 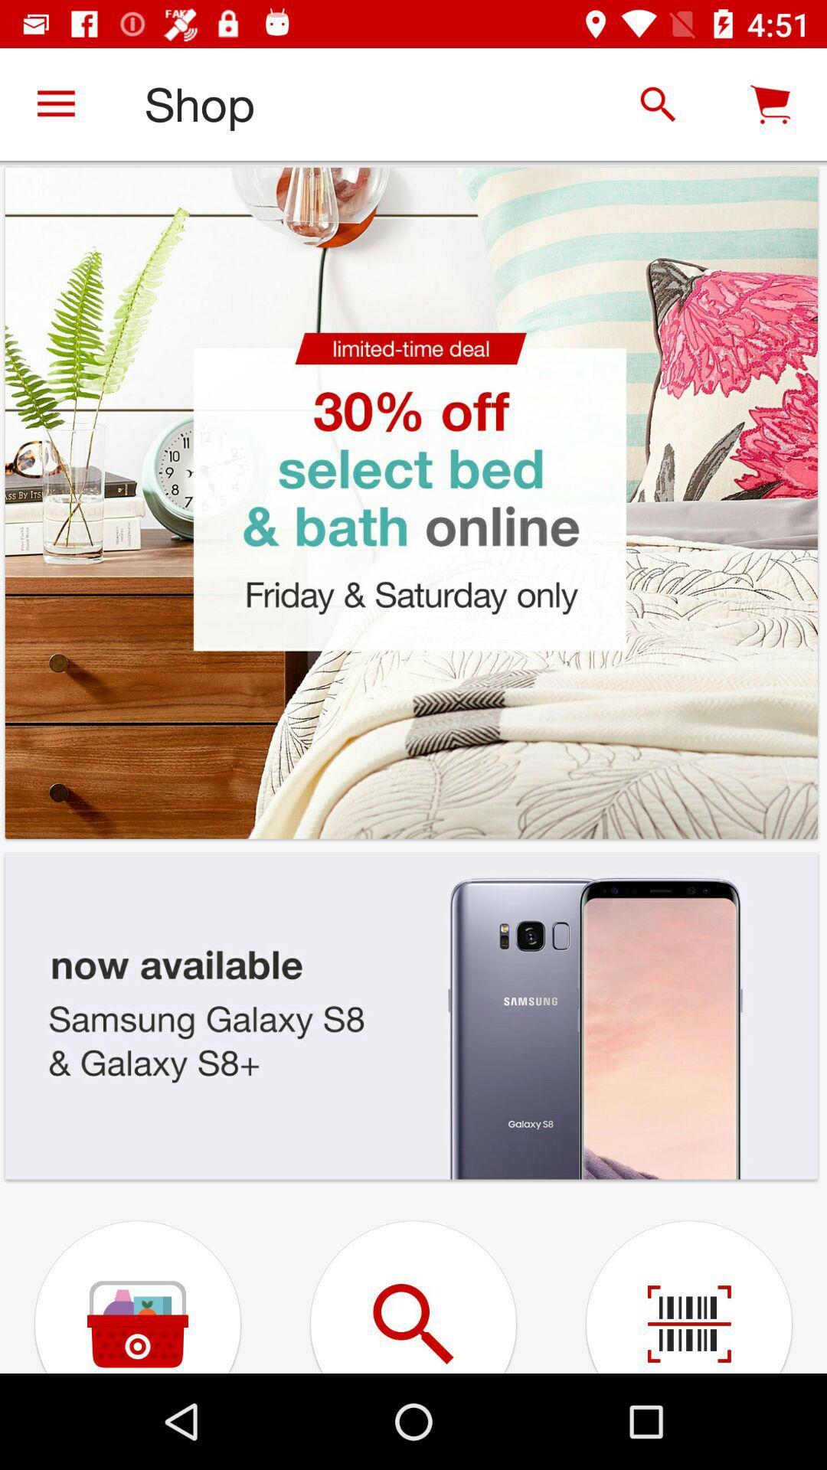 What do you see at coordinates (55, 103) in the screenshot?
I see `the icon next to shop icon` at bounding box center [55, 103].